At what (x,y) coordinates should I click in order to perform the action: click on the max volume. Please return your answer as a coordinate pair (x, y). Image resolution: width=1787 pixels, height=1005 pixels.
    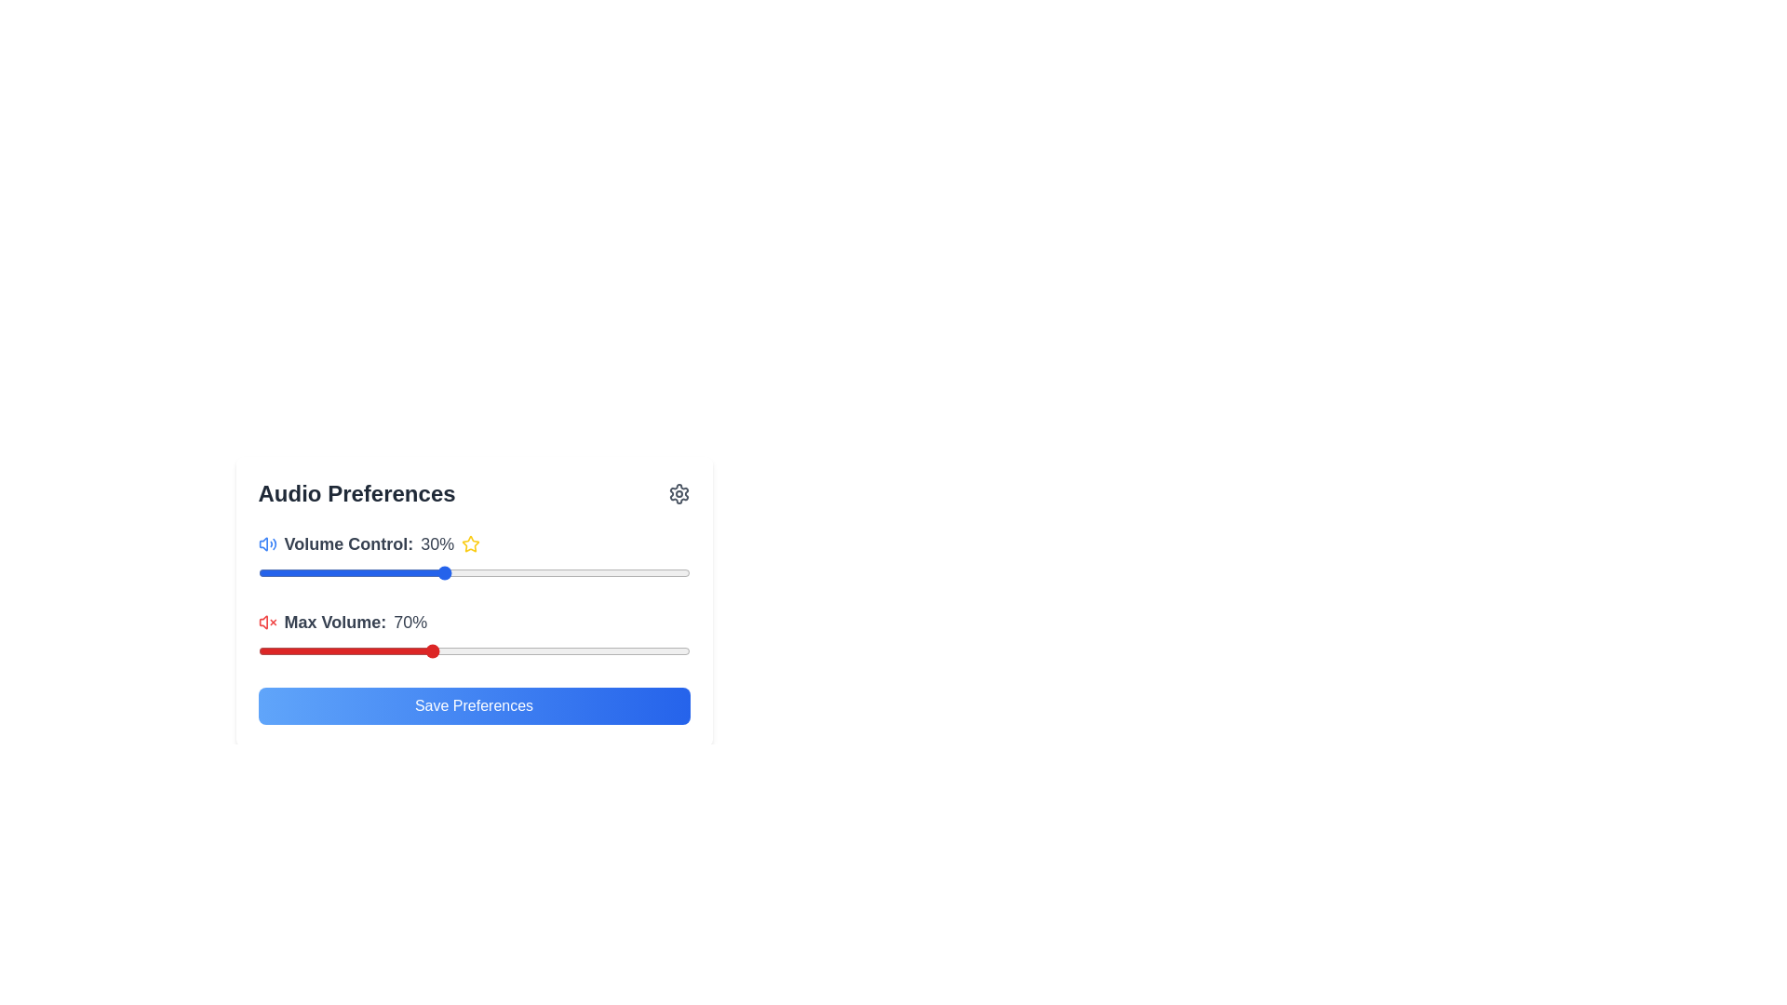
    Looking at the image, I should click on (603, 650).